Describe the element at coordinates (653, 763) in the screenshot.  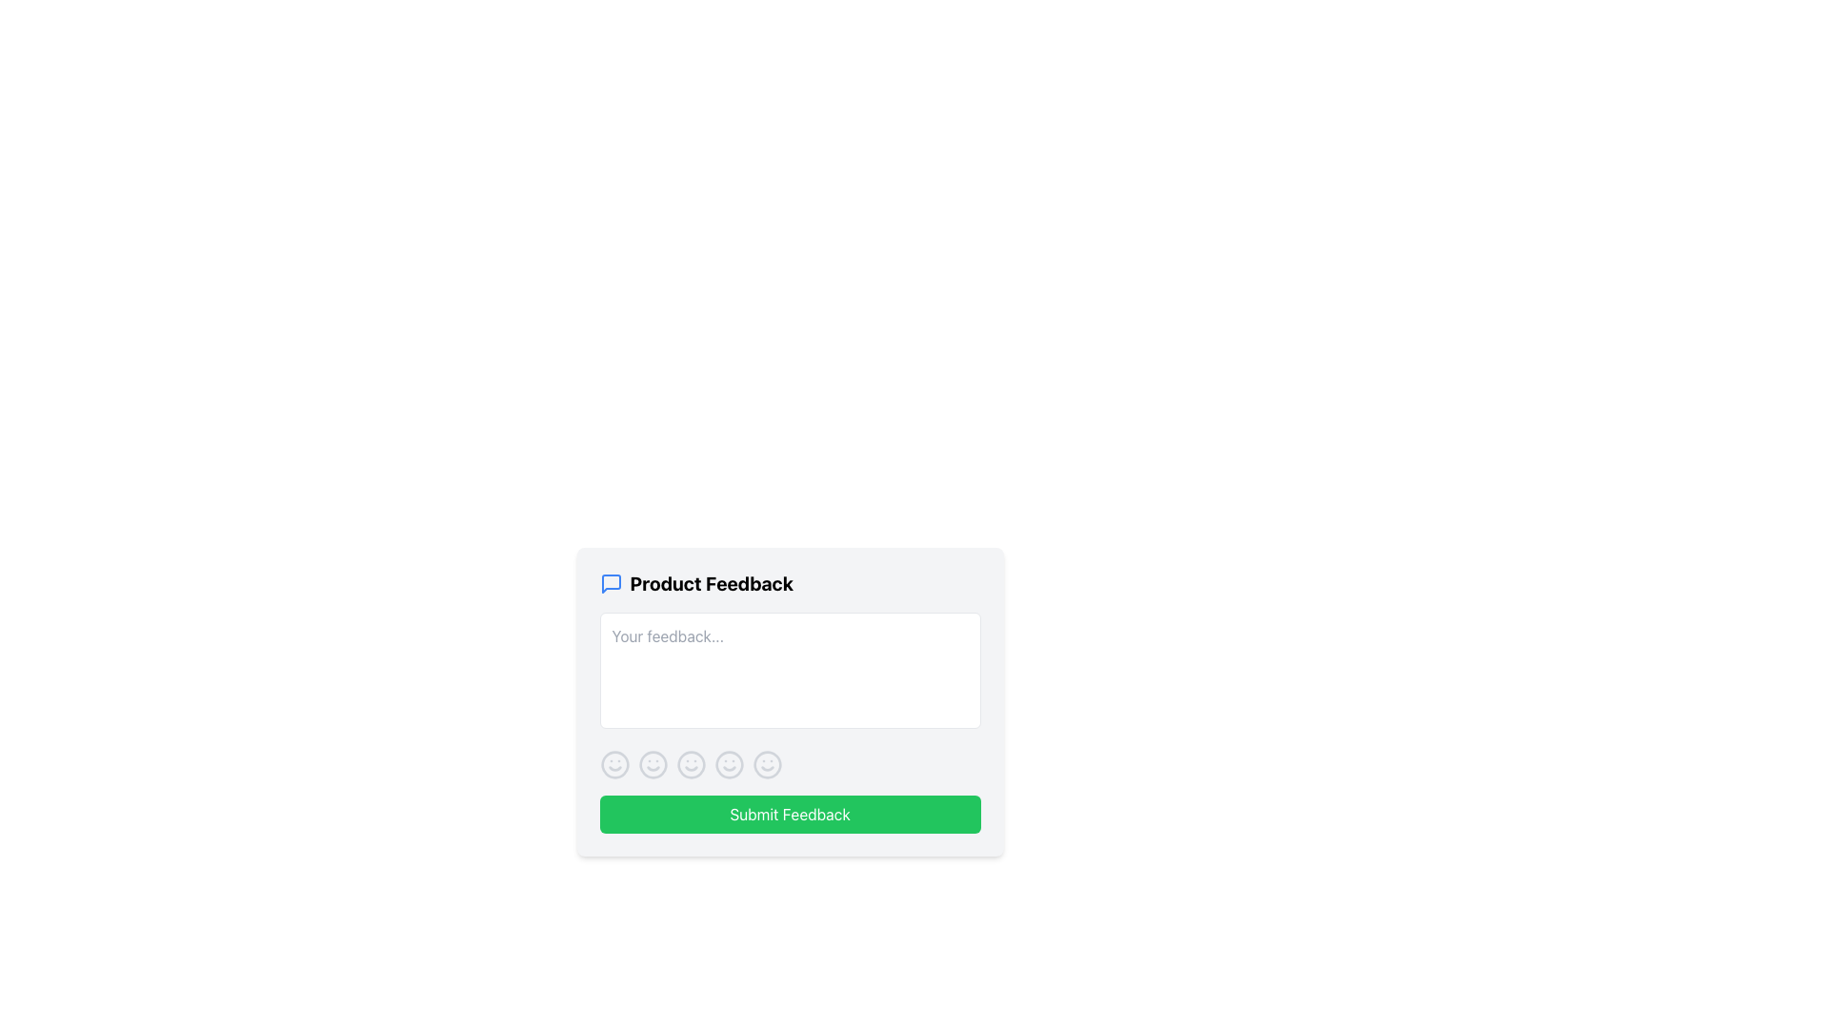
I see `the circular graphical element representing neutral feedback in the SVG illustration` at that location.